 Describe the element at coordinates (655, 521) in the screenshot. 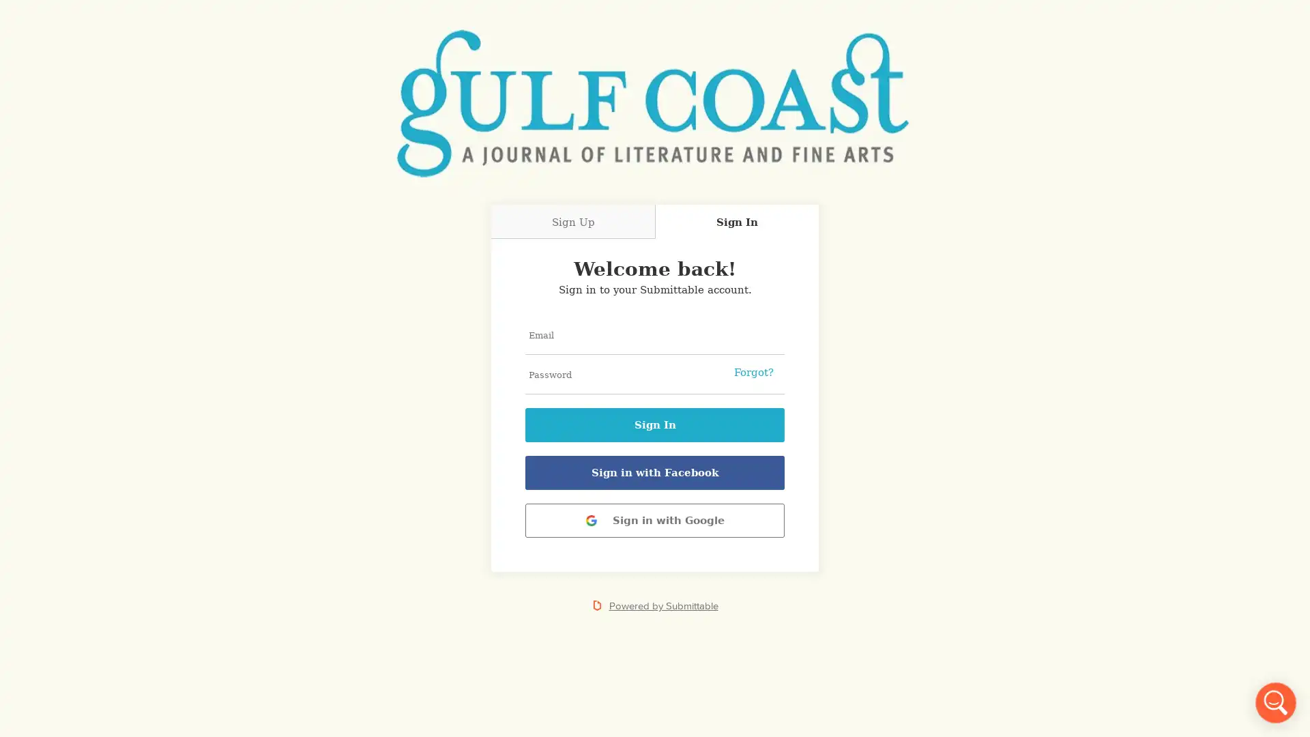

I see `Google logo Sign in with Google` at that location.